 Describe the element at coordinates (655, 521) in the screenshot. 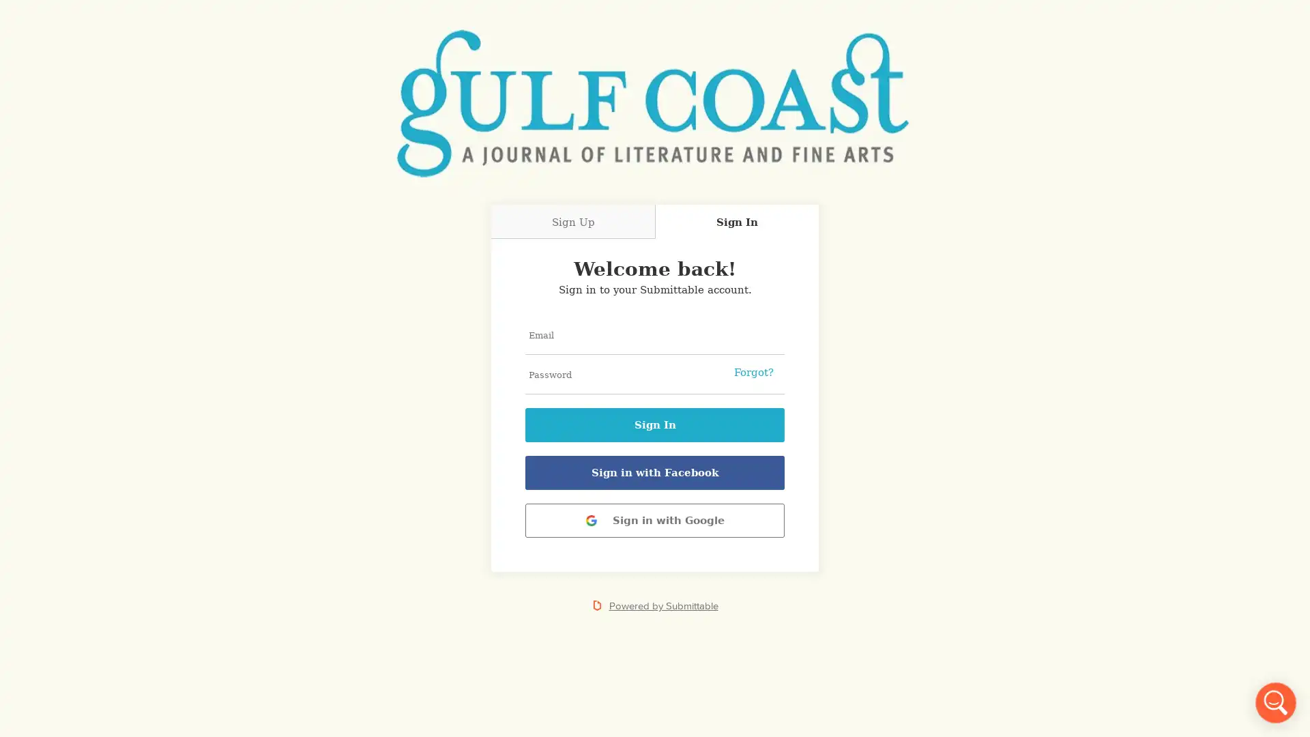

I see `Google logo Sign in with Google` at that location.